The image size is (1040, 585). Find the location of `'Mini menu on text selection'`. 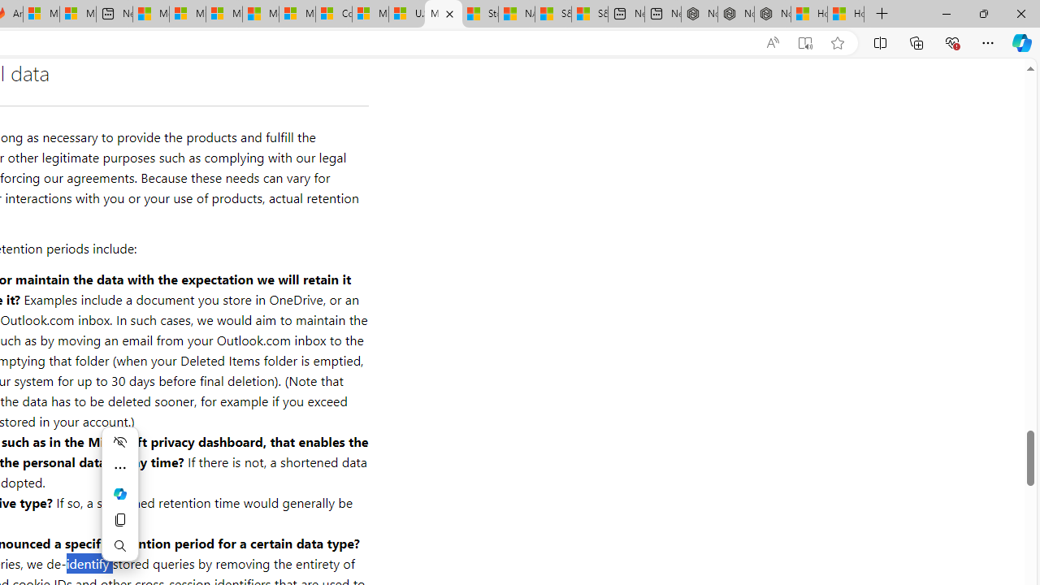

'Mini menu on text selection' is located at coordinates (119, 493).